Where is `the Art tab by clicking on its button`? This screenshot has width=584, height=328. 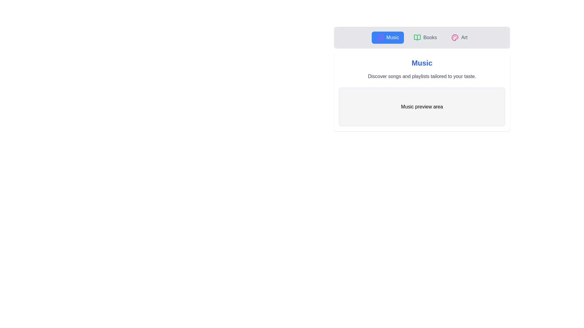
the Art tab by clicking on its button is located at coordinates (459, 37).